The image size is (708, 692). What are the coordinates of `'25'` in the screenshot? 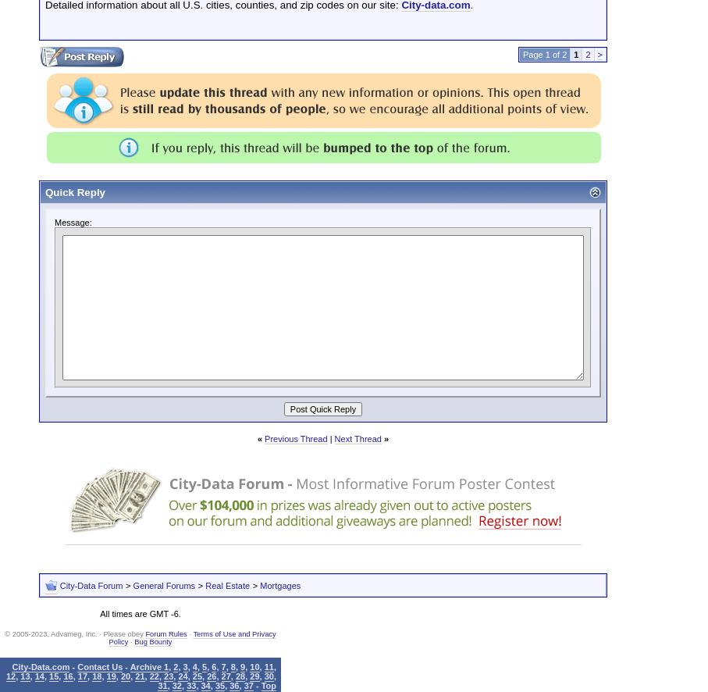 It's located at (196, 675).